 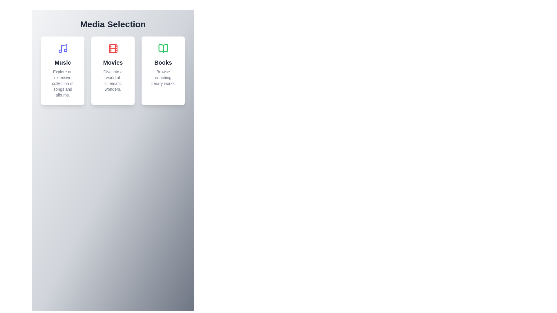 I want to click on the 'Music' selection card, which is the leftmost card in a horizontal row of three cards under the 'Media Selection' title, so click(x=63, y=70).